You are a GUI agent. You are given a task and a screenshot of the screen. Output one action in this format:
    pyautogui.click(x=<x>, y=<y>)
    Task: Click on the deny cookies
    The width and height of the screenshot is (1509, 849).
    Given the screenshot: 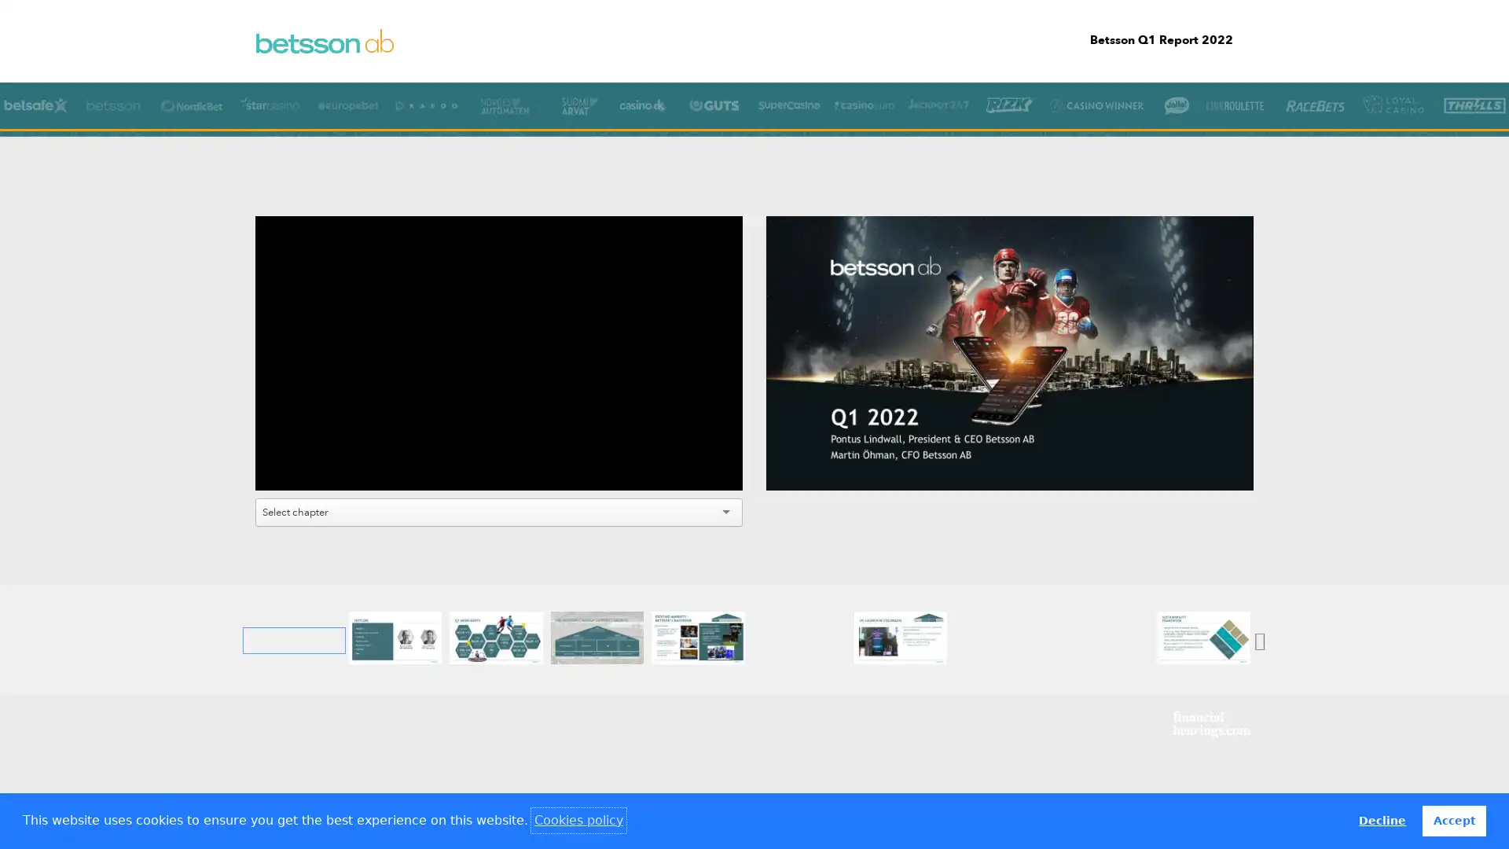 What is the action you would take?
    pyautogui.click(x=1381, y=820)
    